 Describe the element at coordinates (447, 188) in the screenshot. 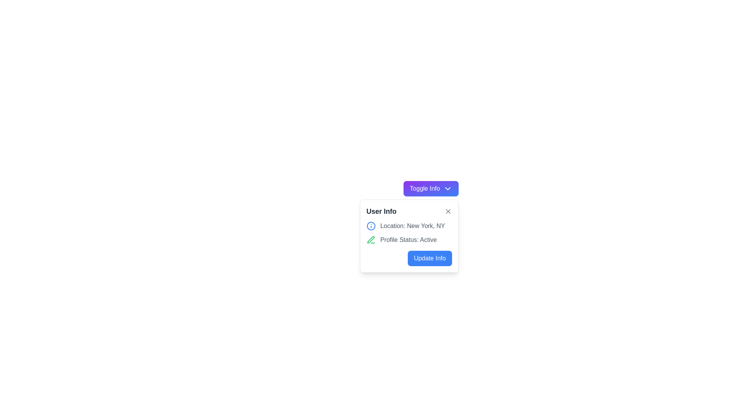

I see `the icon located near the right edge of the 'Toggle Info' button which indicates that it toggles additional information or a dropdown` at that location.